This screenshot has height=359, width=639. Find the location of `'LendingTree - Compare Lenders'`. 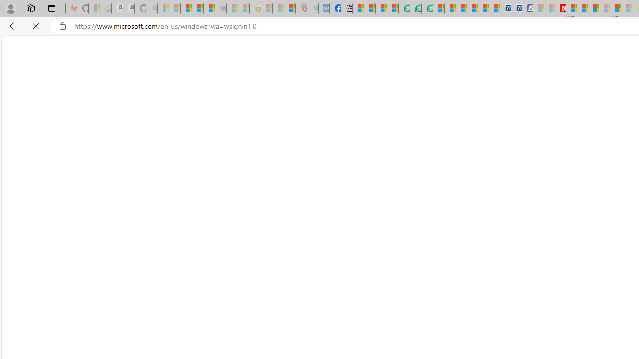

'LendingTree - Compare Lenders' is located at coordinates (404, 8).